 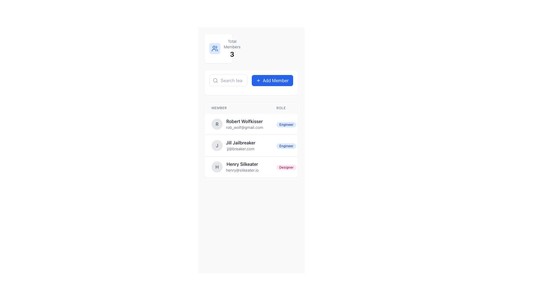 What do you see at coordinates (286, 166) in the screenshot?
I see `the role designation badge for 'Designer' associated with 'Henry Silkeater', located in the rightmost column of the list under the title 'Role'` at bounding box center [286, 166].